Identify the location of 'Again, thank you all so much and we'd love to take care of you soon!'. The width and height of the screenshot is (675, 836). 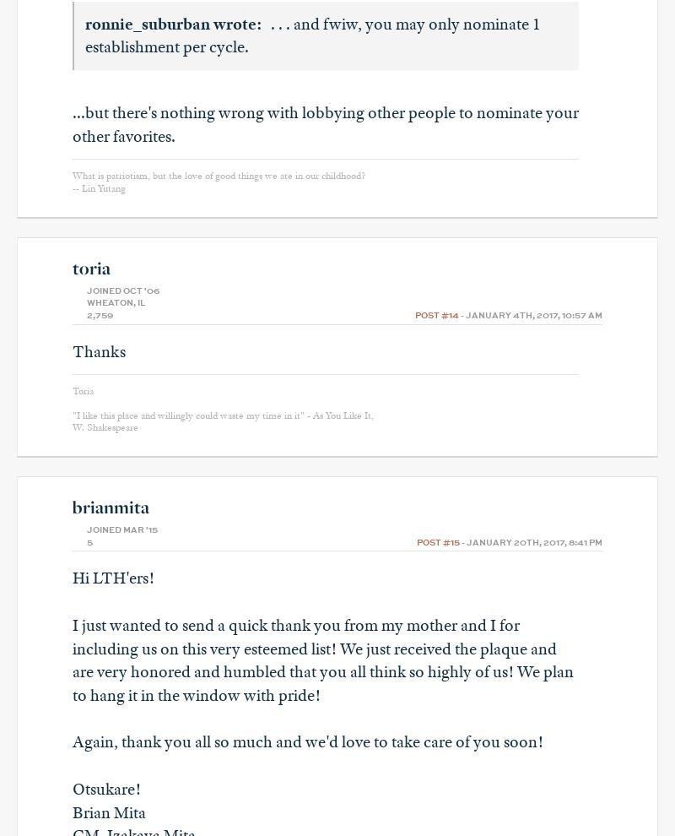
(73, 741).